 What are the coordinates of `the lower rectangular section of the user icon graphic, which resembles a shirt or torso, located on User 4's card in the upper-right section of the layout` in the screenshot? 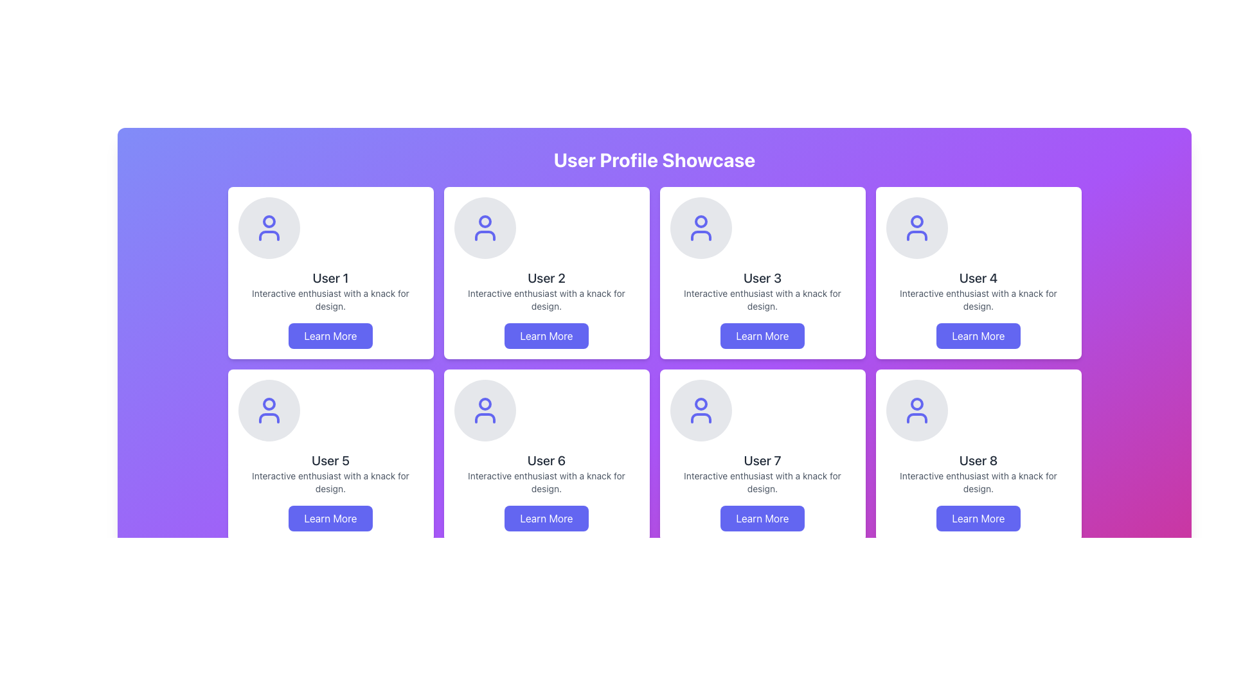 It's located at (916, 235).